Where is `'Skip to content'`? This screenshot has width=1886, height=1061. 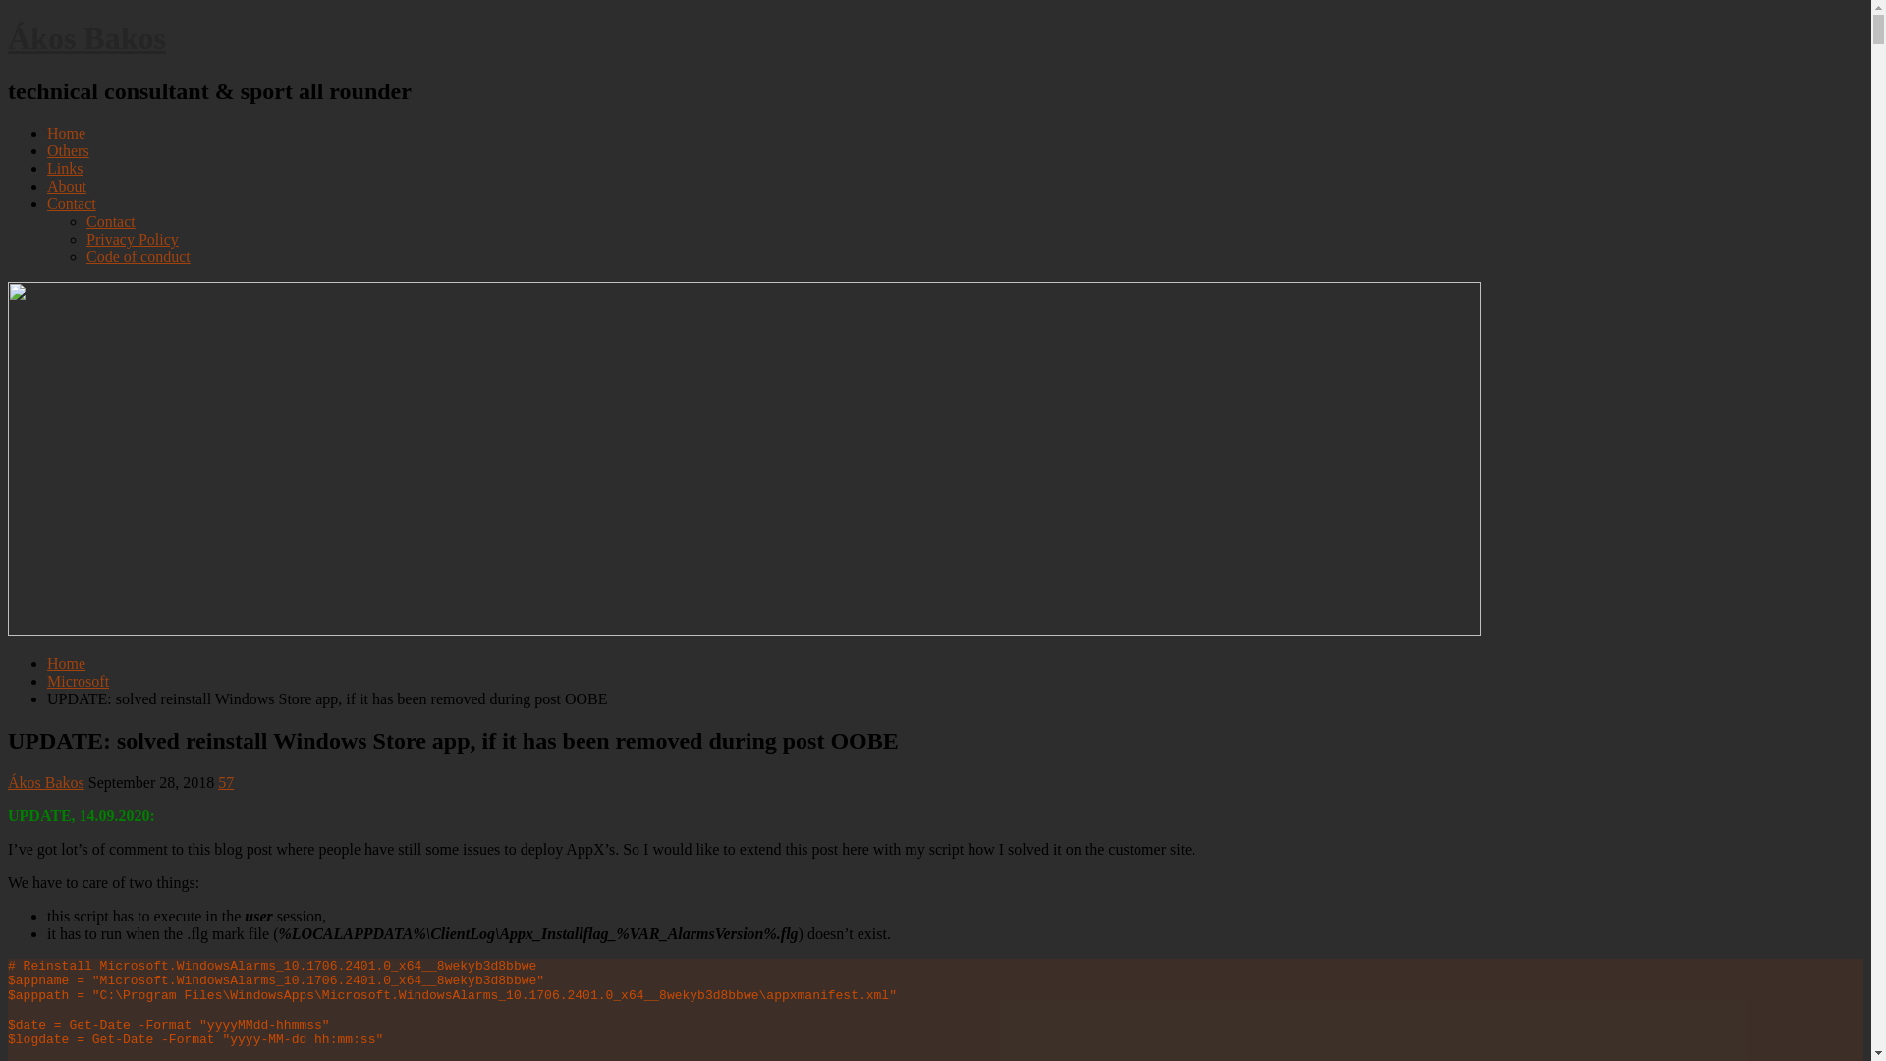 'Skip to content' is located at coordinates (7, 20).